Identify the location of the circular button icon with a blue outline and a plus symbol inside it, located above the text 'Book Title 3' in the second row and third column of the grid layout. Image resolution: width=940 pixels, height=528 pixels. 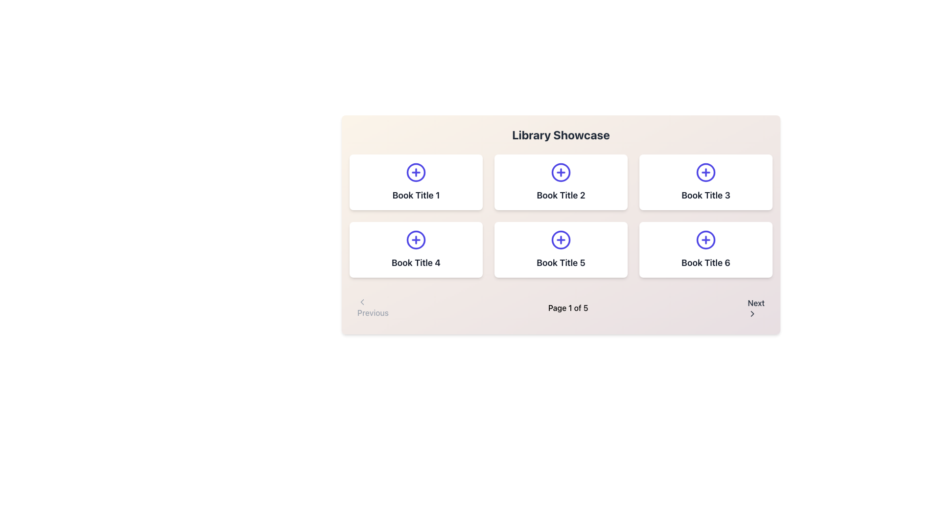
(705, 172).